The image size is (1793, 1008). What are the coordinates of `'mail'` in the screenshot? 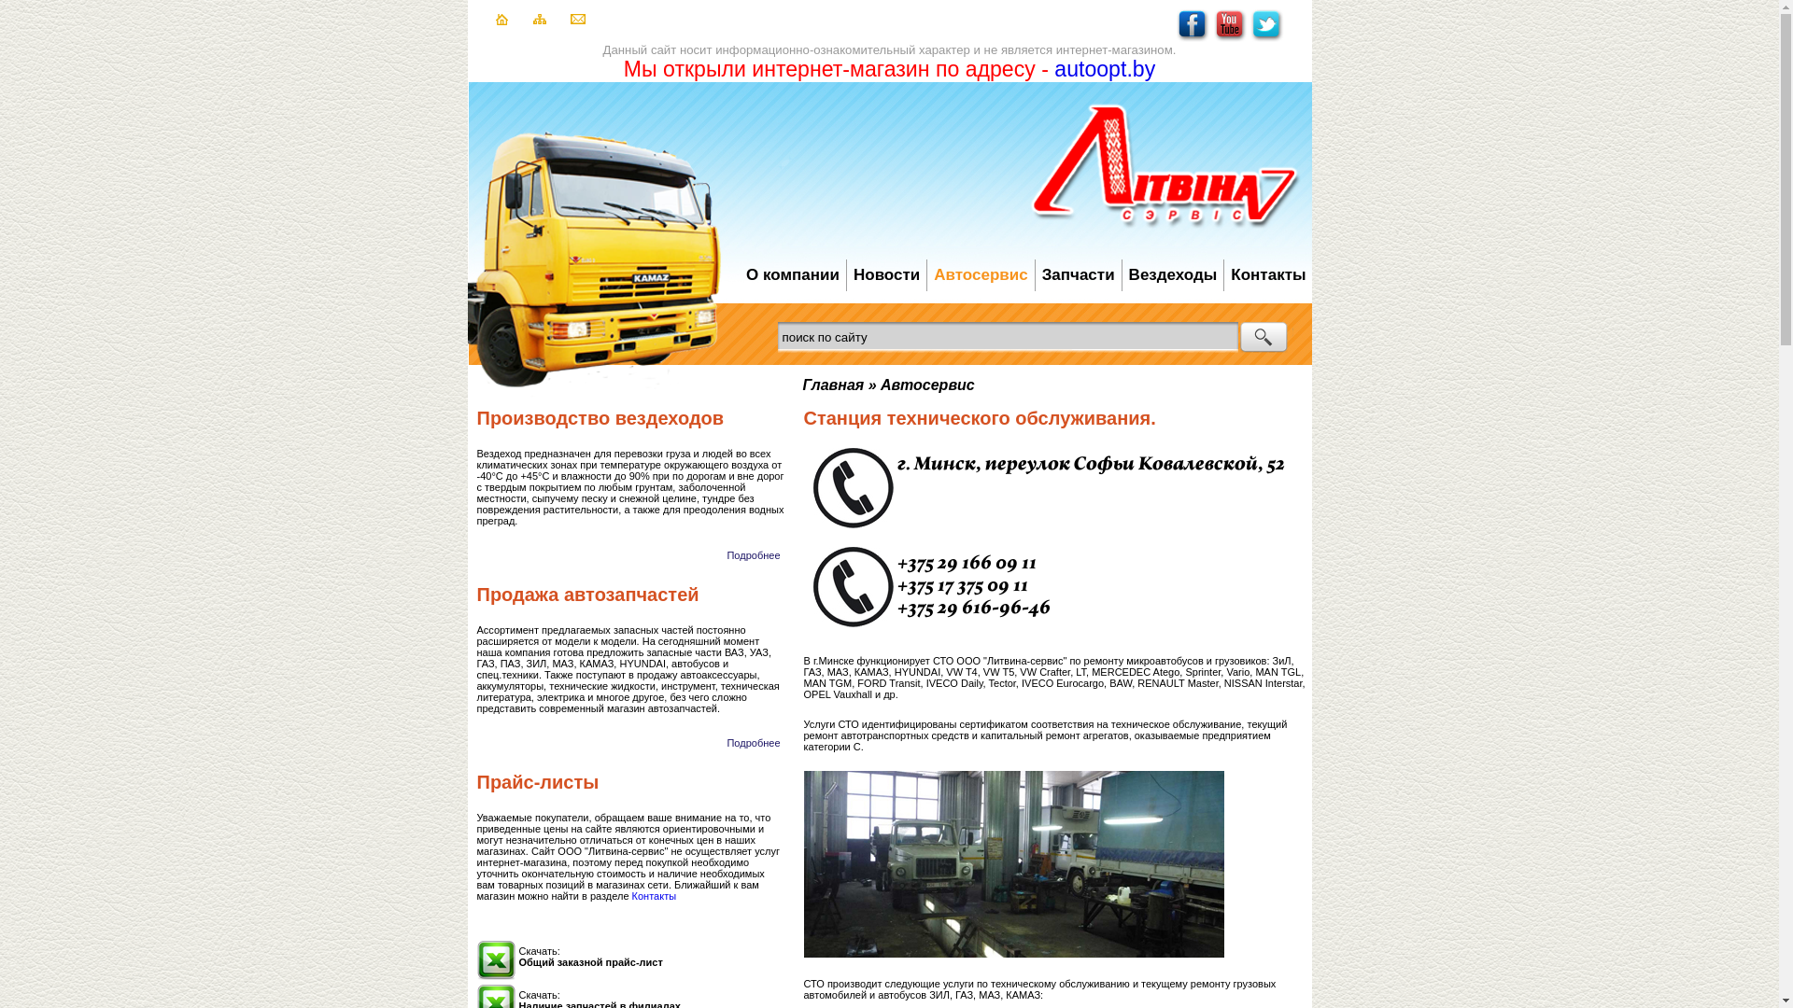 It's located at (568, 21).